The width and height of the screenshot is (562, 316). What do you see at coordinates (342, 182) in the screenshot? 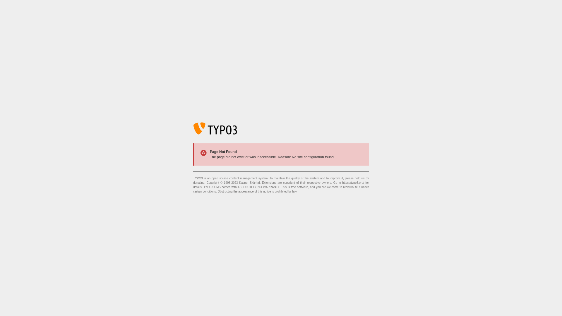
I see `'https://typo3.org/'` at bounding box center [342, 182].